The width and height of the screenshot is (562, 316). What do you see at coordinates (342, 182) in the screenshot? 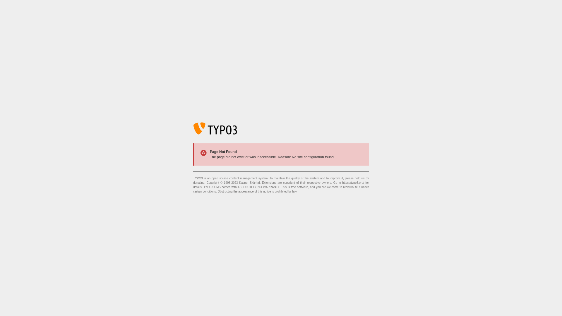
I see `'https://typo3.org/'` at bounding box center [342, 182].